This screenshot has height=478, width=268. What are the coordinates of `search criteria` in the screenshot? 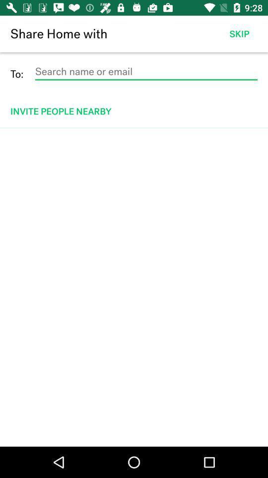 It's located at (145, 71).